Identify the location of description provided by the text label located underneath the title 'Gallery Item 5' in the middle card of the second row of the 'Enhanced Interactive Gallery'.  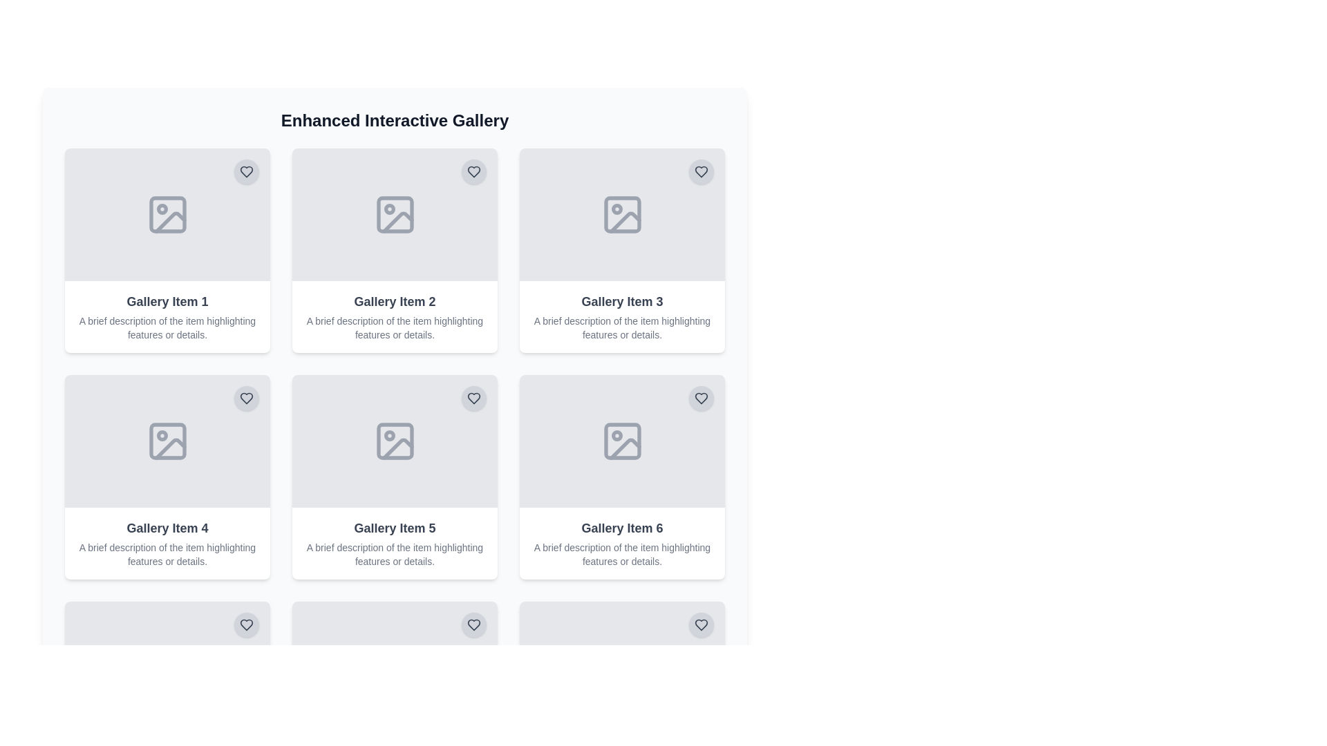
(394, 553).